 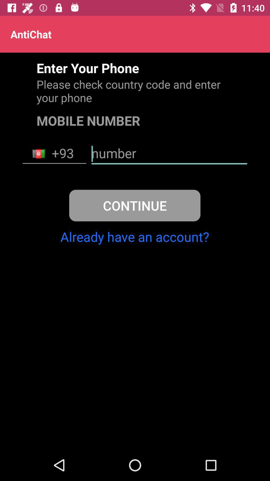 I want to click on already have an icon, so click(x=134, y=236).